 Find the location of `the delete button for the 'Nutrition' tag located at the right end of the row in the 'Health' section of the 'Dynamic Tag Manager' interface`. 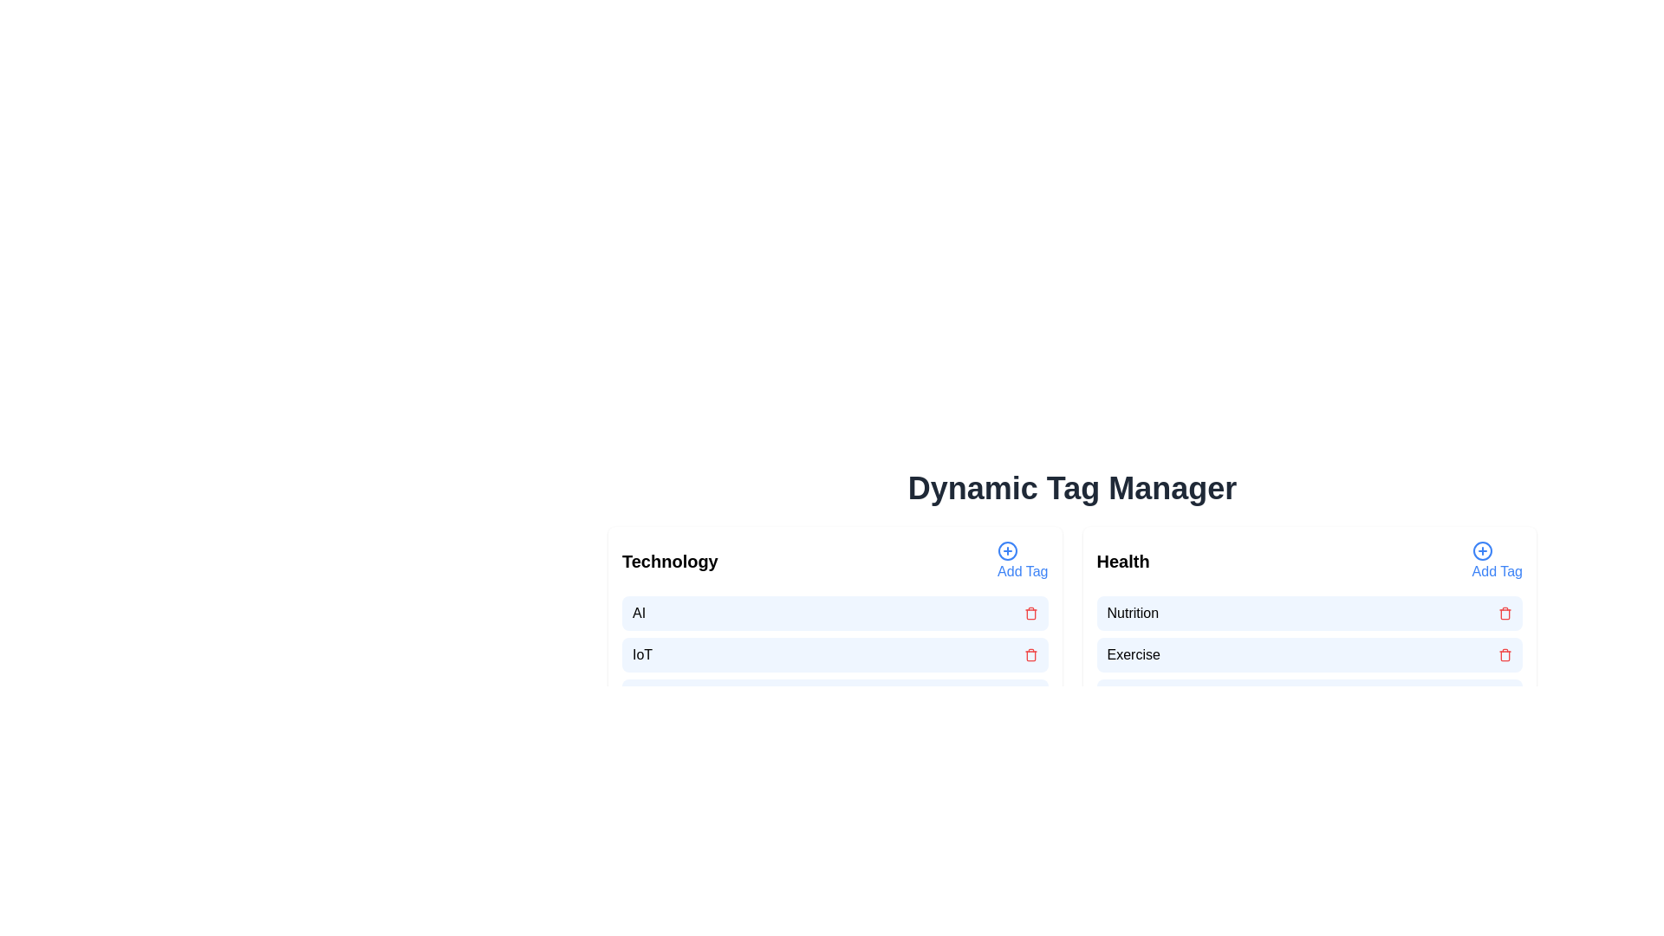

the delete button for the 'Nutrition' tag located at the right end of the row in the 'Health' section of the 'Dynamic Tag Manager' interface is located at coordinates (1505, 613).